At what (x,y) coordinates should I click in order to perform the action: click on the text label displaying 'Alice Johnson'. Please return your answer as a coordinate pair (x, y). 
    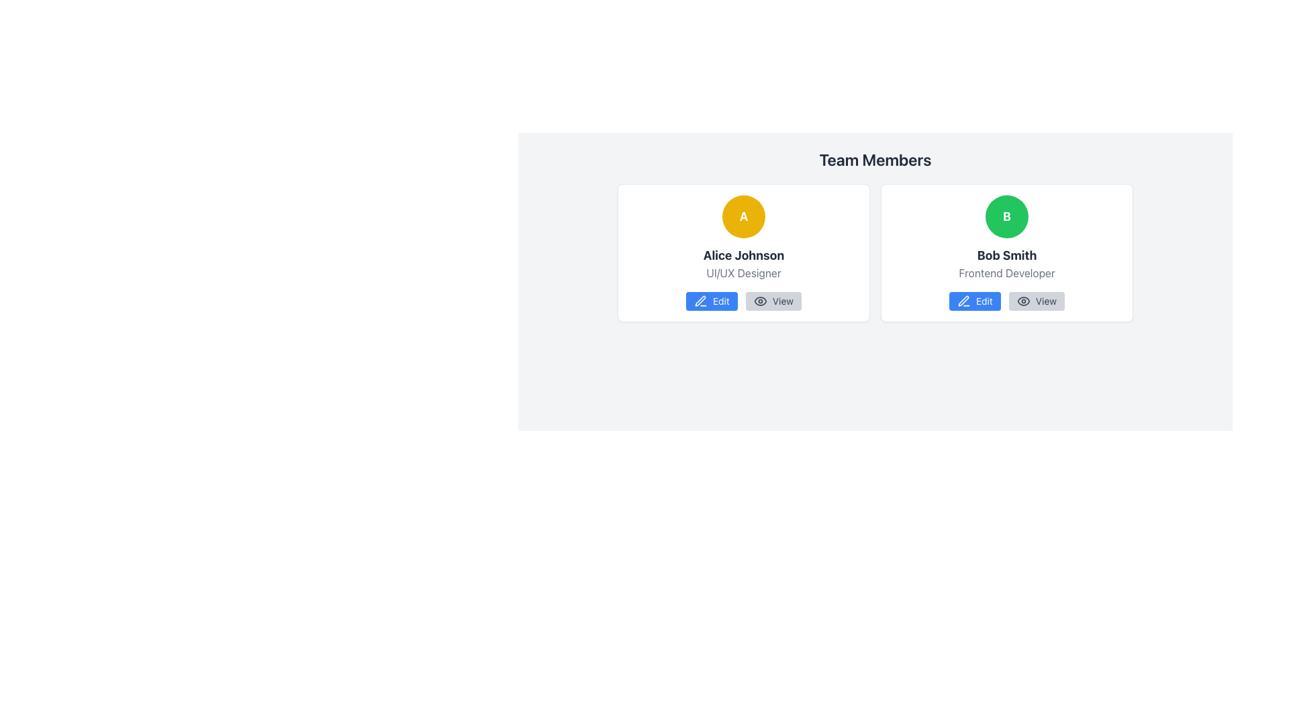
    Looking at the image, I should click on (743, 256).